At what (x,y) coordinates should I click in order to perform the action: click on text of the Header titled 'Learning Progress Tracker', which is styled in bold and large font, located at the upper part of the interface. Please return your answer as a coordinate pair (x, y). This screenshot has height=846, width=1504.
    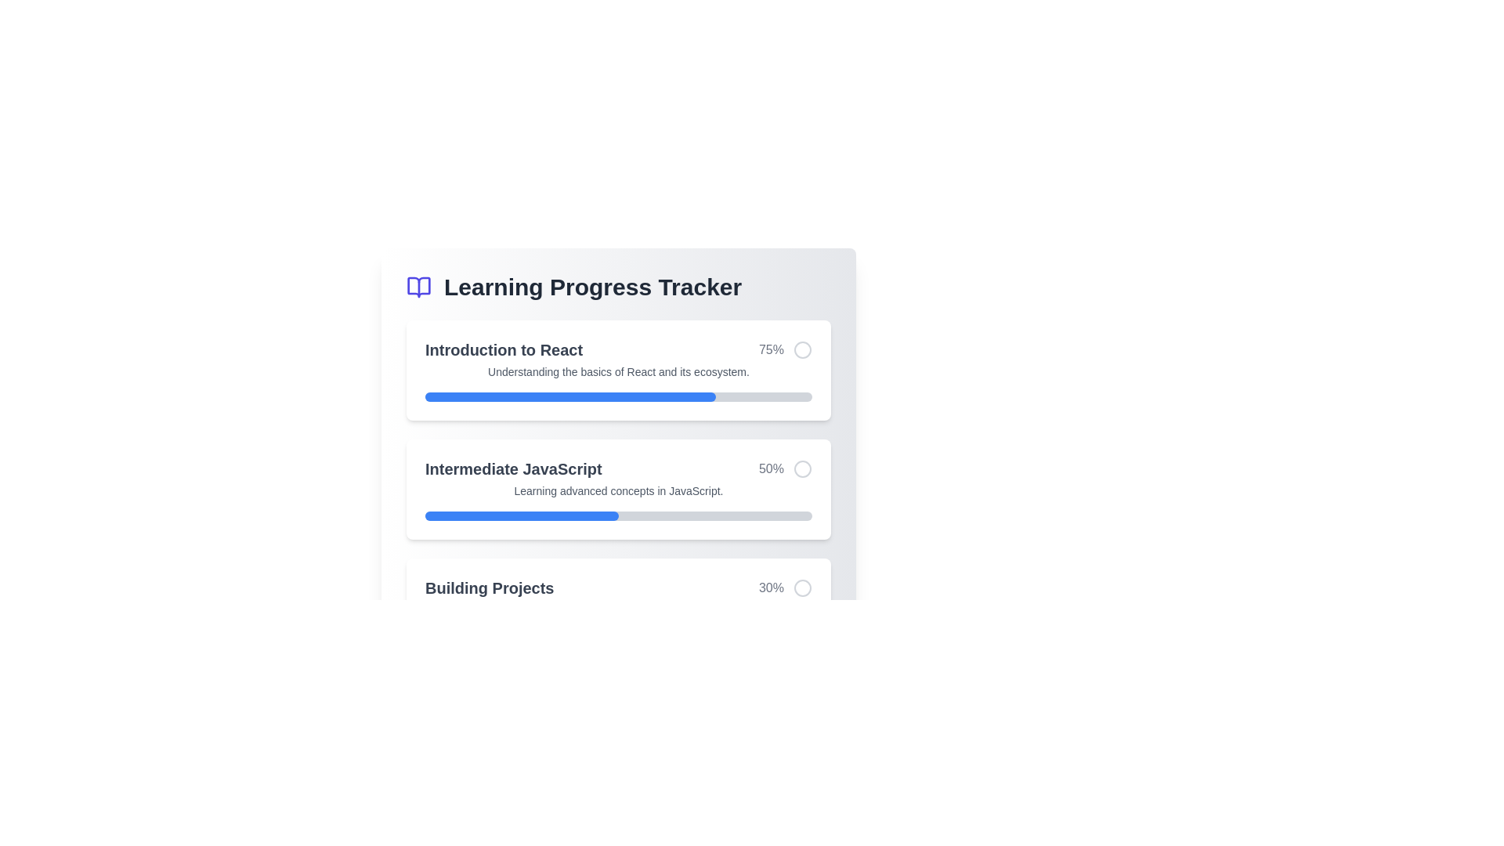
    Looking at the image, I should click on (618, 287).